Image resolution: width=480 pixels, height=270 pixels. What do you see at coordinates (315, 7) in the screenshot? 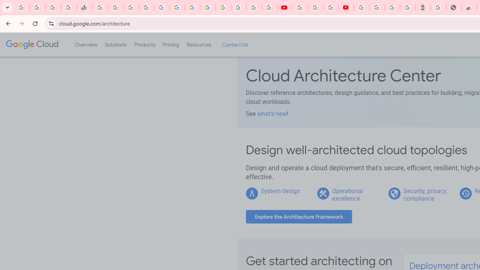
I see `'Google Account Help'` at bounding box center [315, 7].